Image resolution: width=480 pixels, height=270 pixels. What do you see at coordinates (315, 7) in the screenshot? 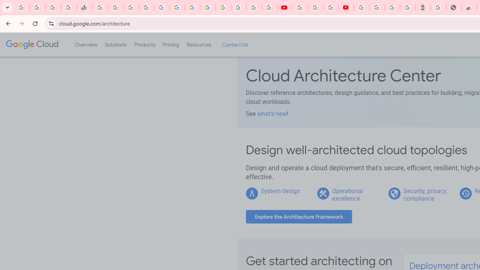
I see `'Google Account Help'` at bounding box center [315, 7].